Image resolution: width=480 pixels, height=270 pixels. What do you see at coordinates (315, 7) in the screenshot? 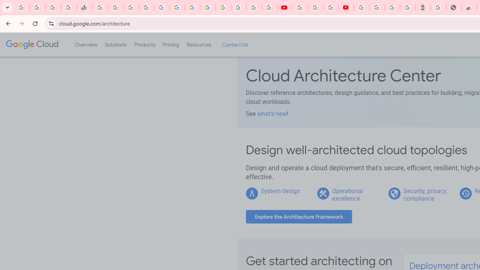
I see `'Google Account Help'` at bounding box center [315, 7].